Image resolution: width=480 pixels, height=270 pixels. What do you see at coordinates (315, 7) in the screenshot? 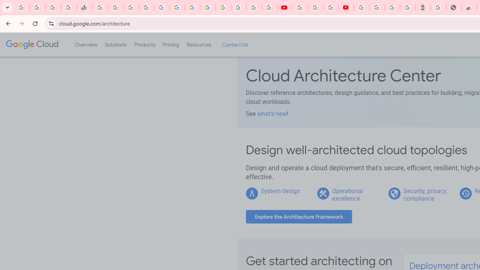
I see `'Google Account Help'` at bounding box center [315, 7].